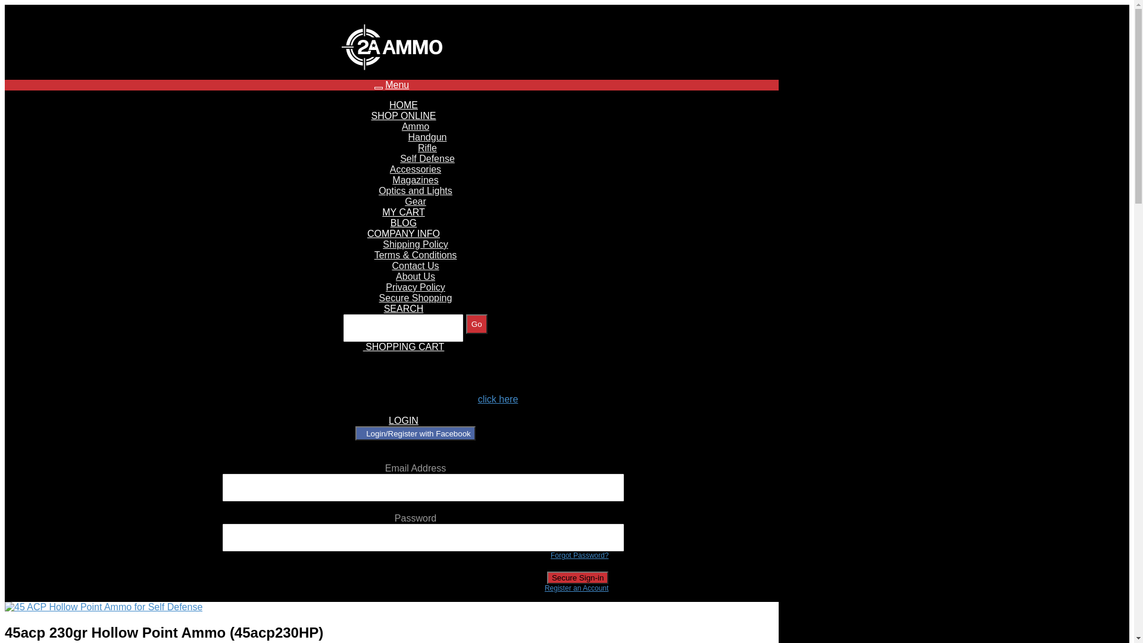 The height and width of the screenshot is (643, 1143). I want to click on 'Register an Account', so click(576, 587).